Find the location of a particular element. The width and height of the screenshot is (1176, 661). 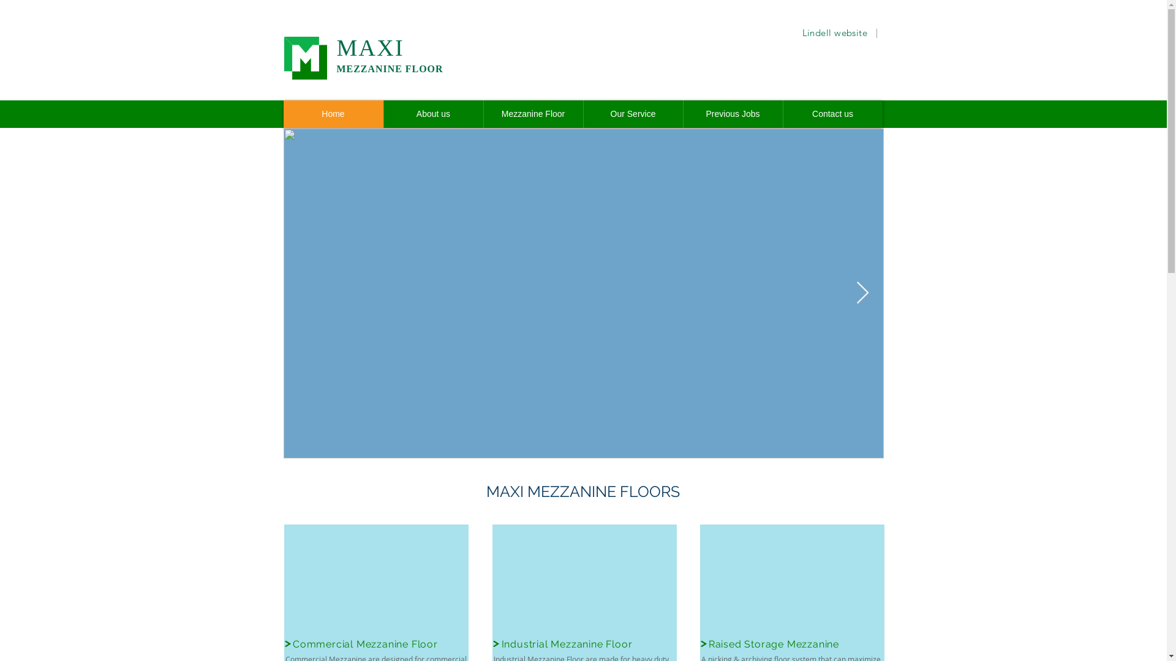

'Mezzanine Floor' is located at coordinates (481, 114).